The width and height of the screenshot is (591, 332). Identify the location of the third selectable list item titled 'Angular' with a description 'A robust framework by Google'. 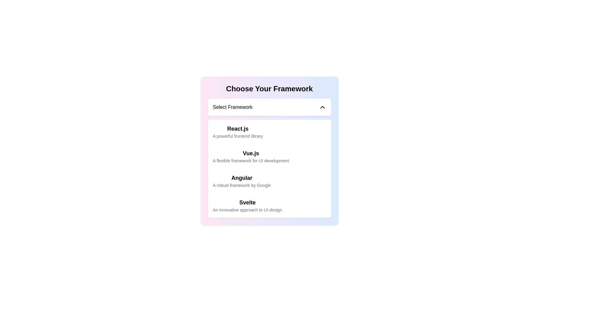
(269, 181).